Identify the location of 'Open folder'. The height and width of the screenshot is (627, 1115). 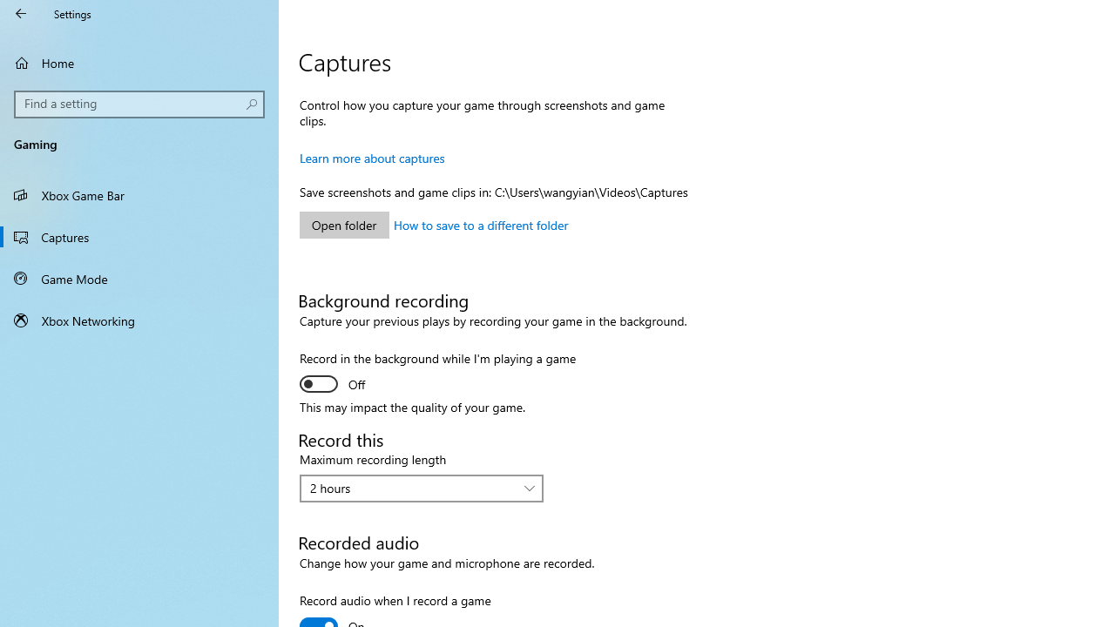
(344, 224).